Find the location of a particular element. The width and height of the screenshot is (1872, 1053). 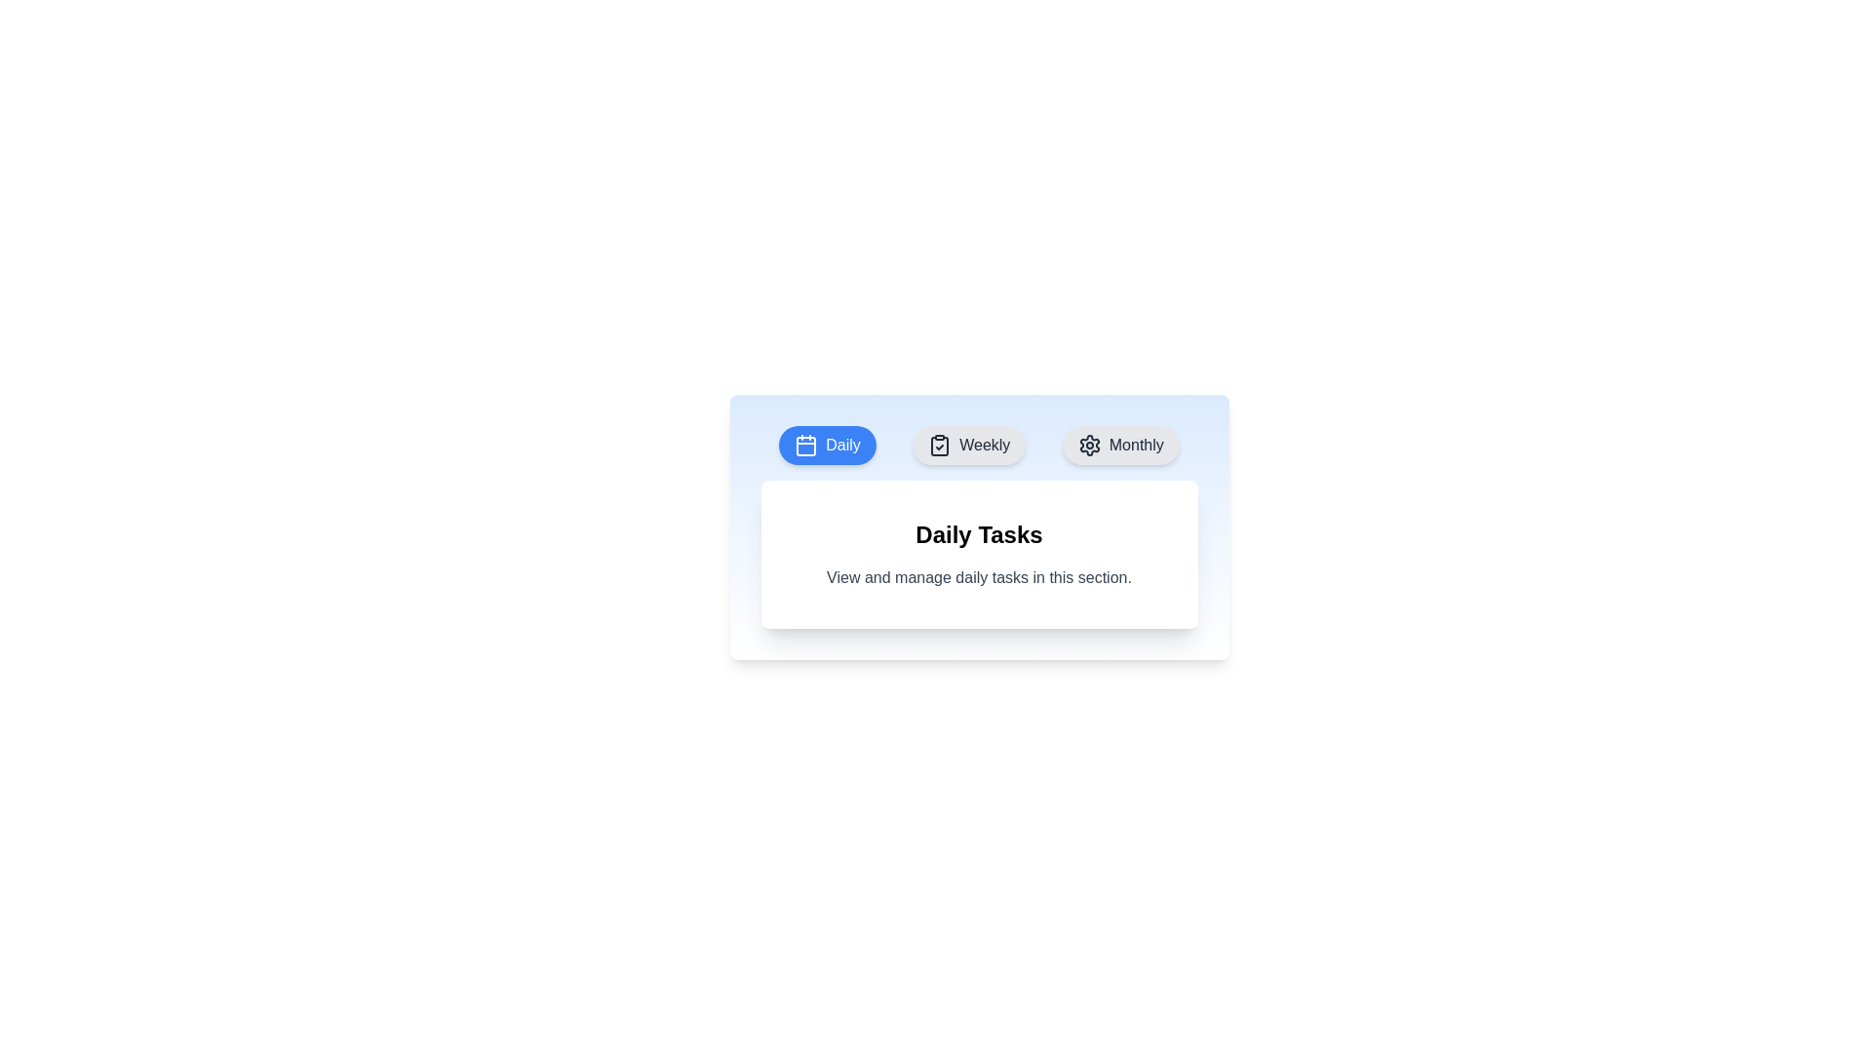

the Monthly tab to view its content is located at coordinates (1120, 445).